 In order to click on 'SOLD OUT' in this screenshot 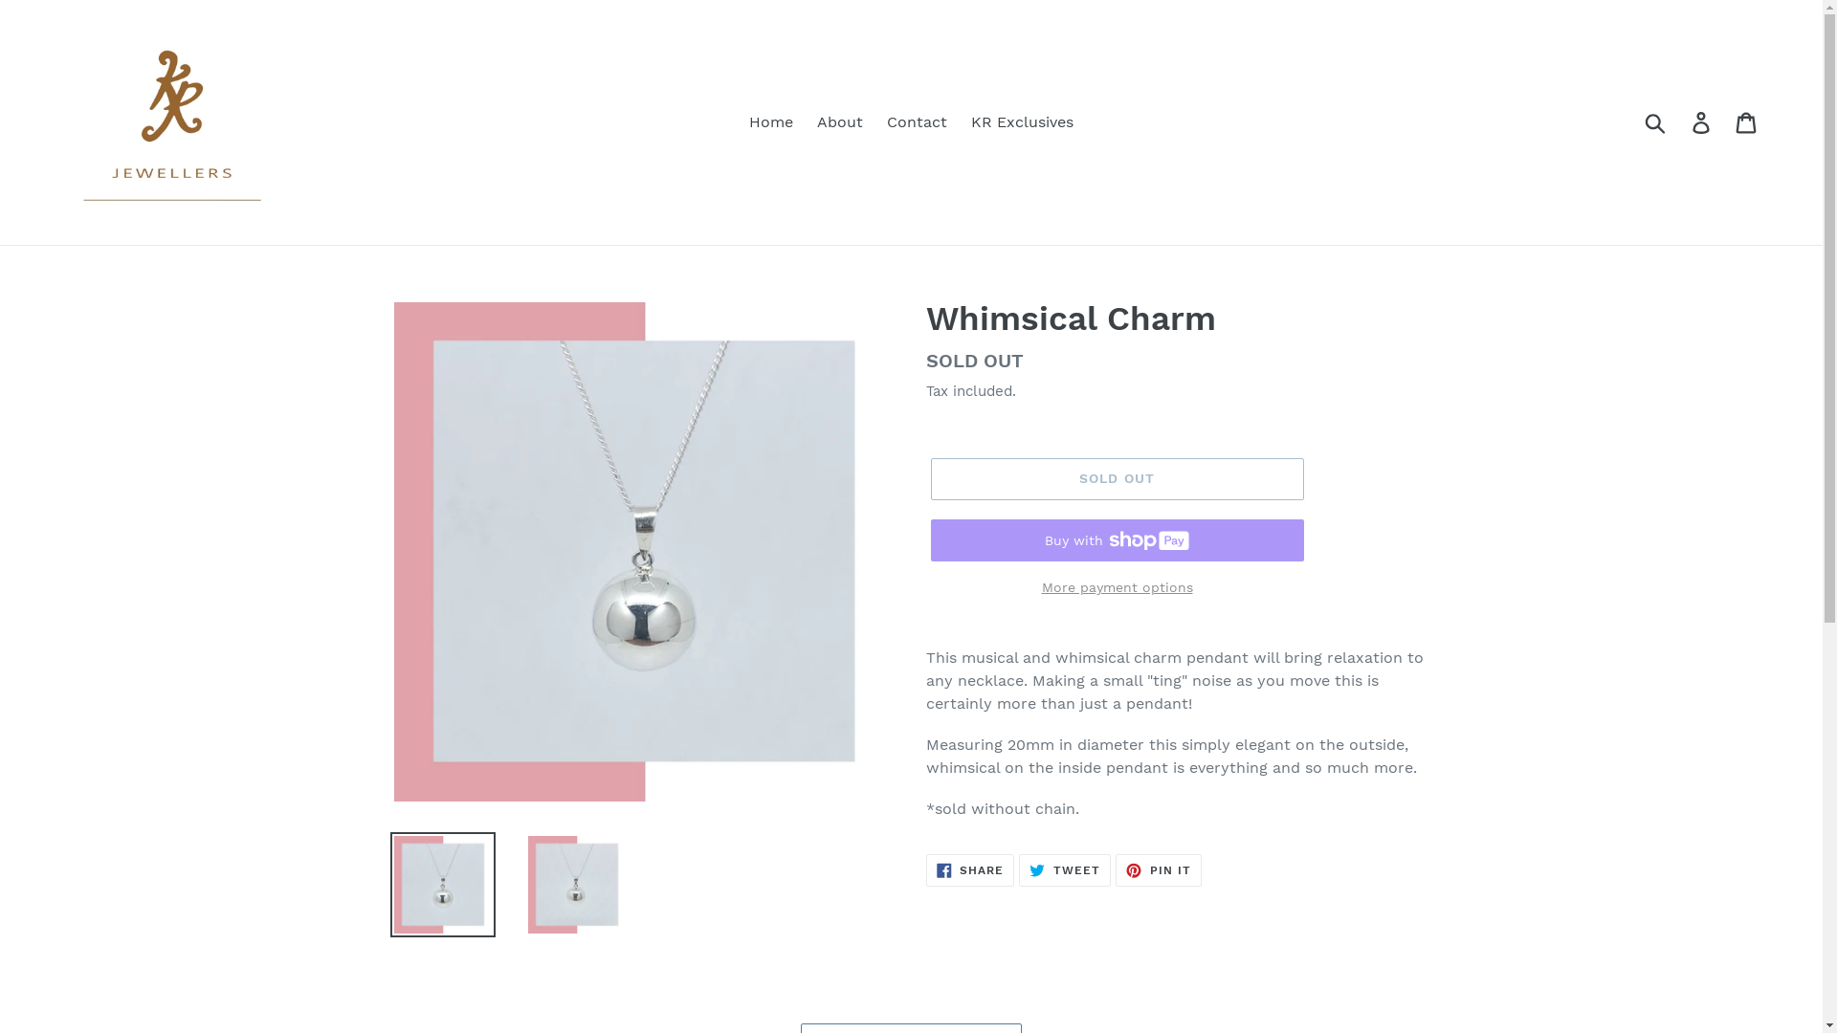, I will do `click(929, 478)`.